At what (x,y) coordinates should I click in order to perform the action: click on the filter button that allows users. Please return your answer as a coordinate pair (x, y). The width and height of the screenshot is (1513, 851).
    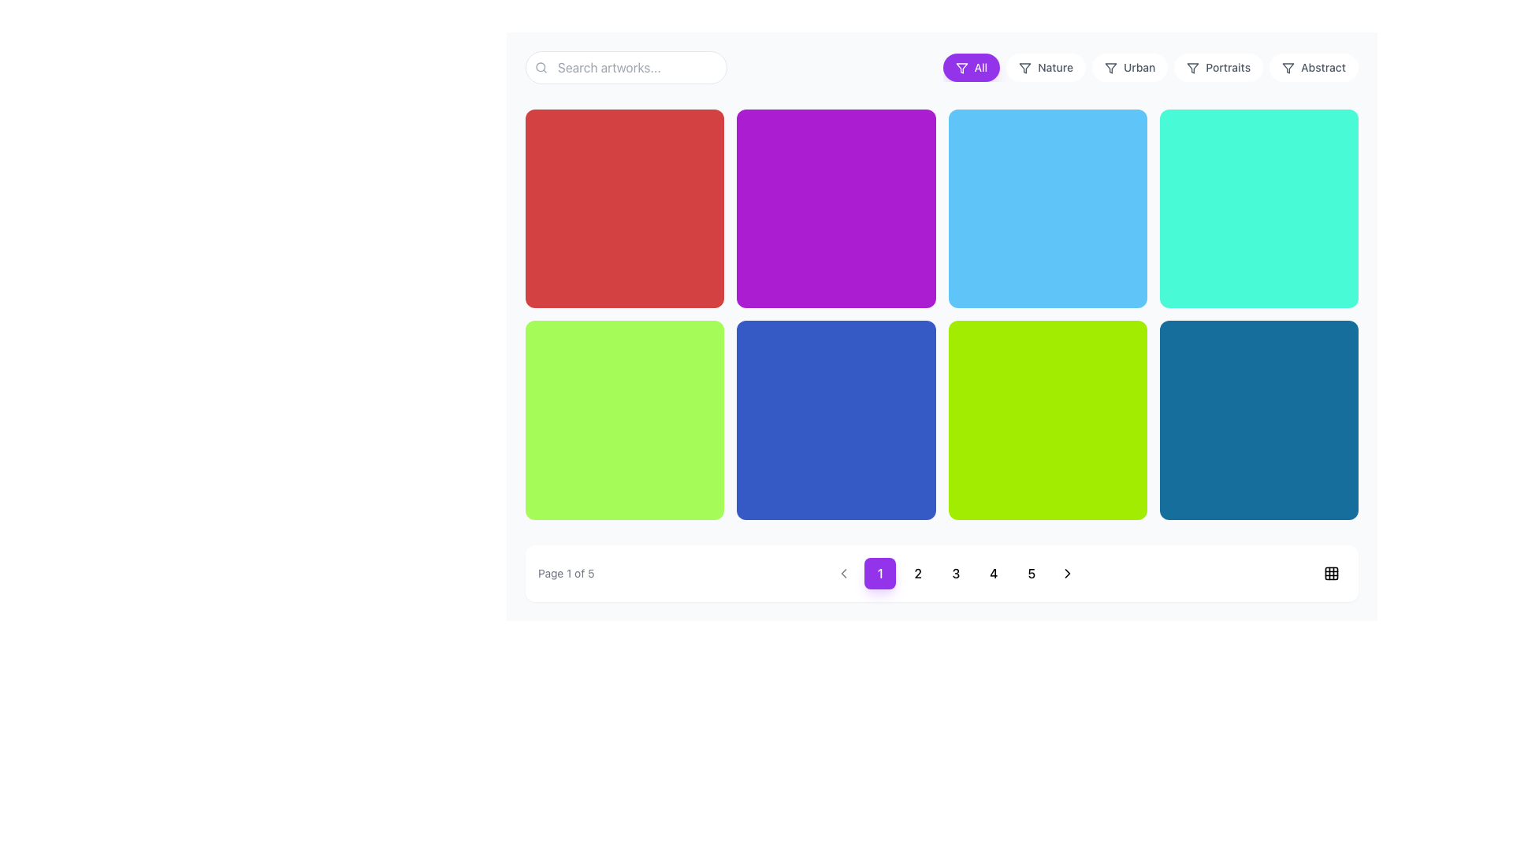
    Looking at the image, I should click on (1129, 66).